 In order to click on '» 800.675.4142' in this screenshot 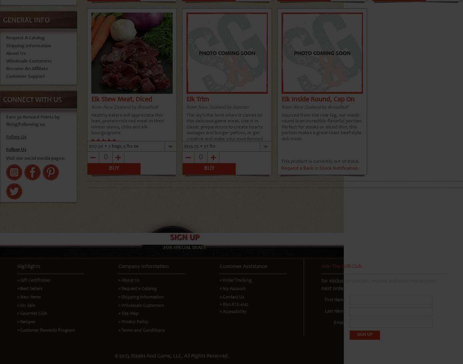, I will do `click(234, 304)`.